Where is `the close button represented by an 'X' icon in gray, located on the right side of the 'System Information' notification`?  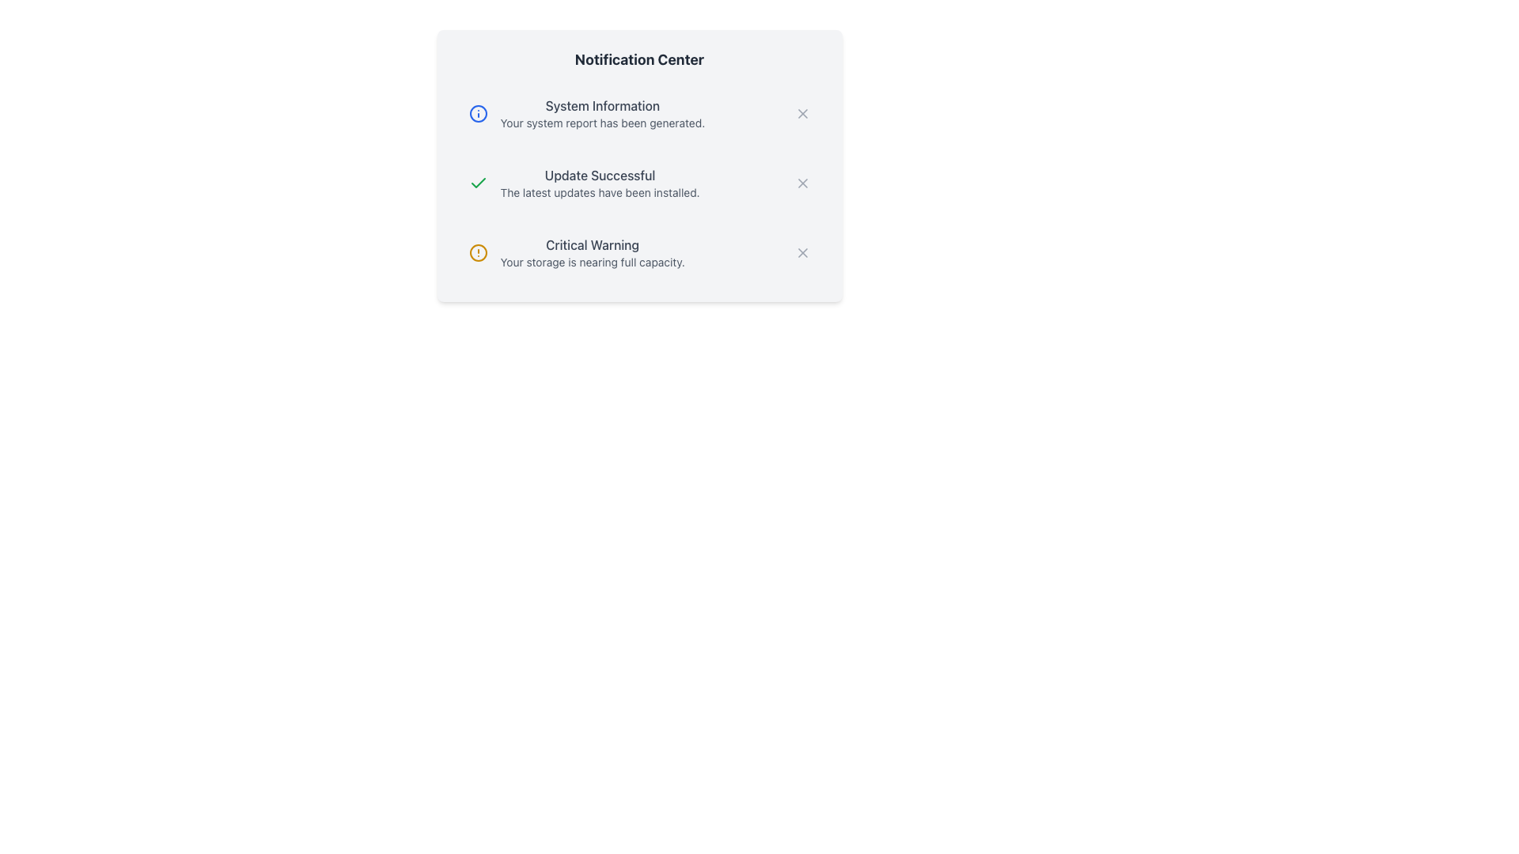 the close button represented by an 'X' icon in gray, located on the right side of the 'System Information' notification is located at coordinates (802, 112).